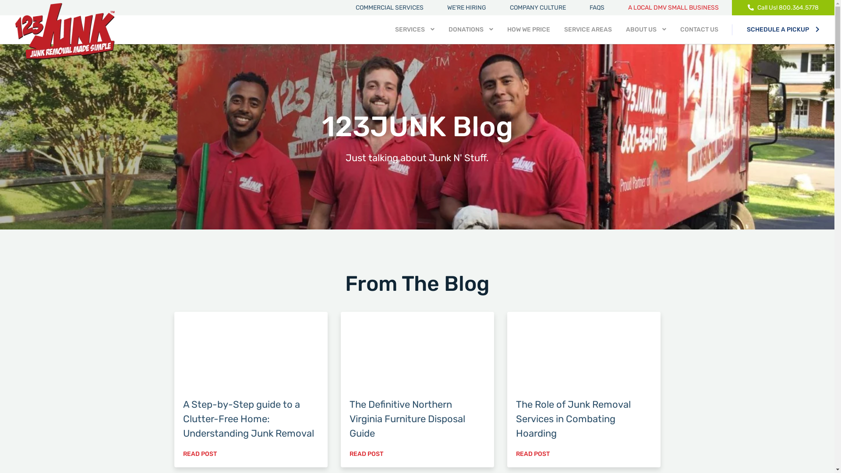 This screenshot has width=841, height=473. Describe the element at coordinates (537, 7) in the screenshot. I see `'COMPANY CULTURE'` at that location.